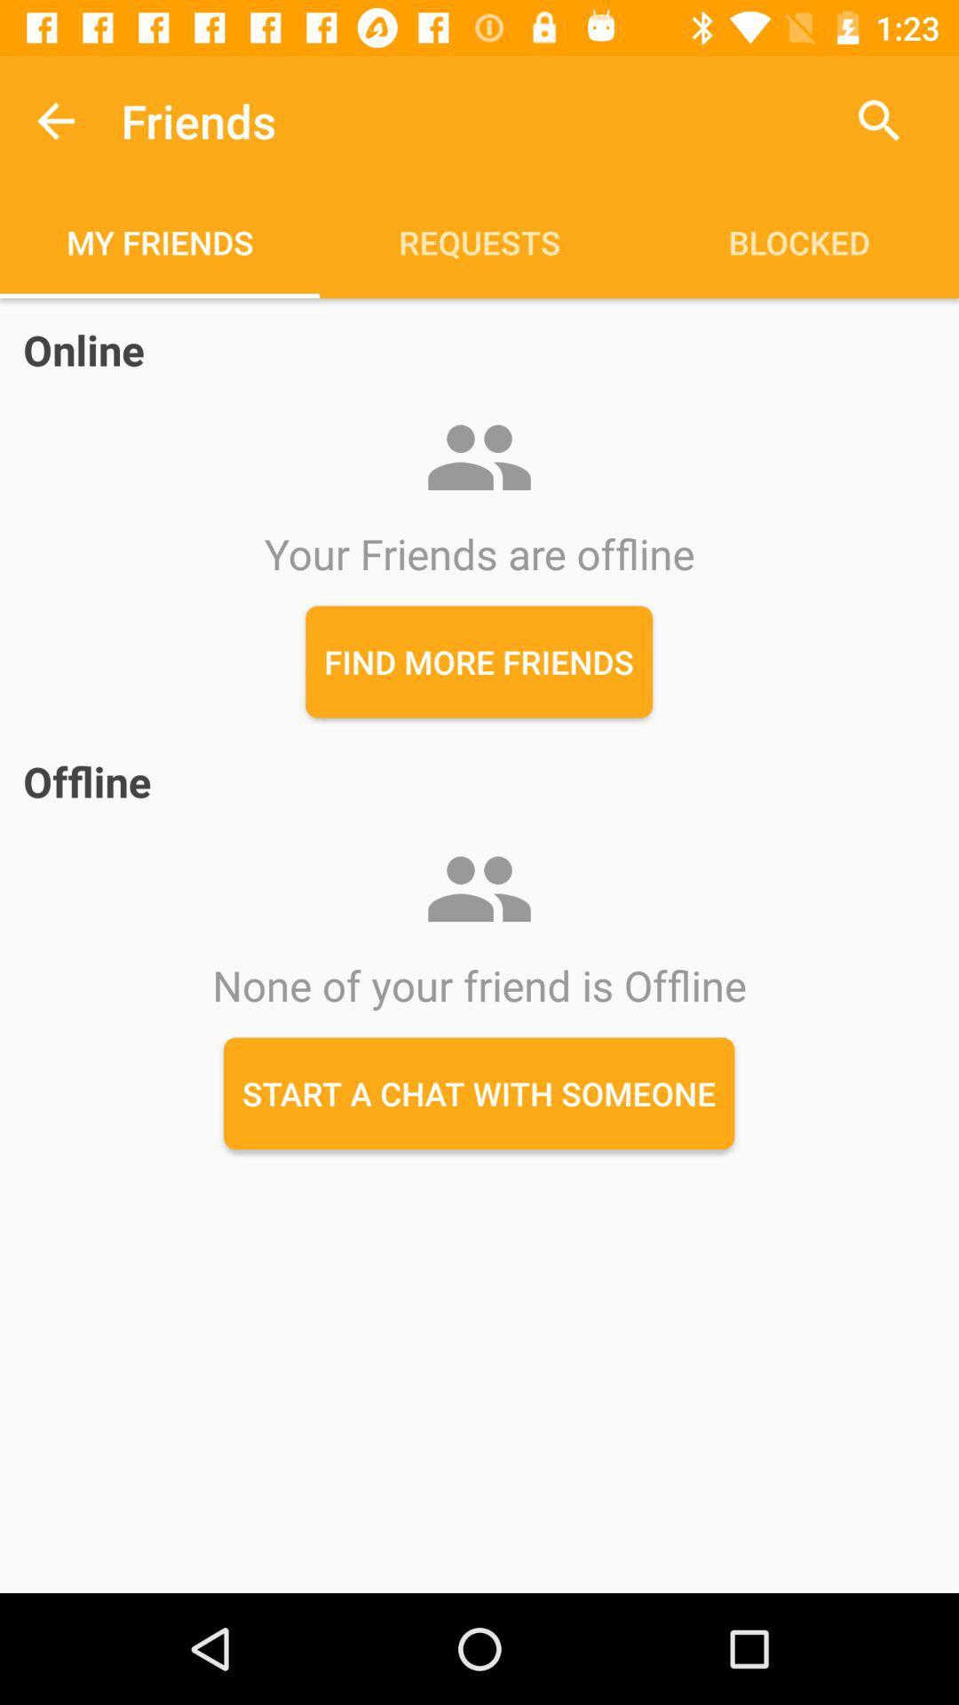 The image size is (959, 1705). What do you see at coordinates (478, 661) in the screenshot?
I see `find more friends` at bounding box center [478, 661].